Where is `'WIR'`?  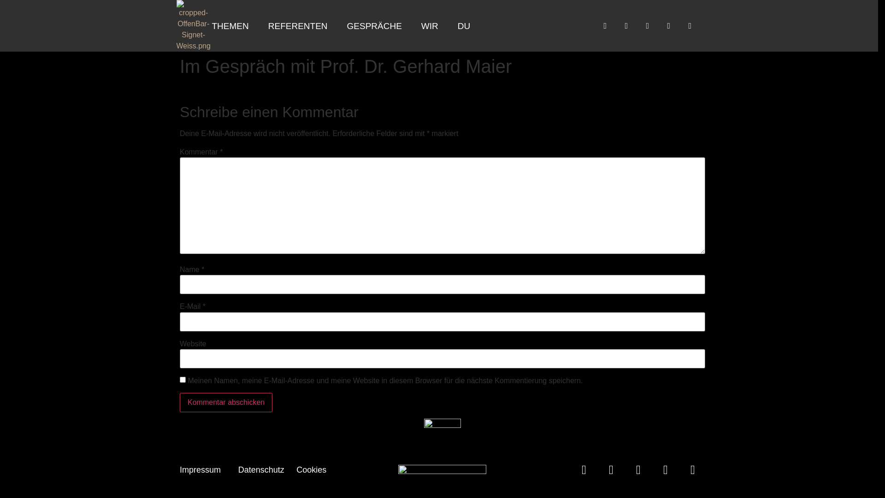 'WIR' is located at coordinates (411, 25).